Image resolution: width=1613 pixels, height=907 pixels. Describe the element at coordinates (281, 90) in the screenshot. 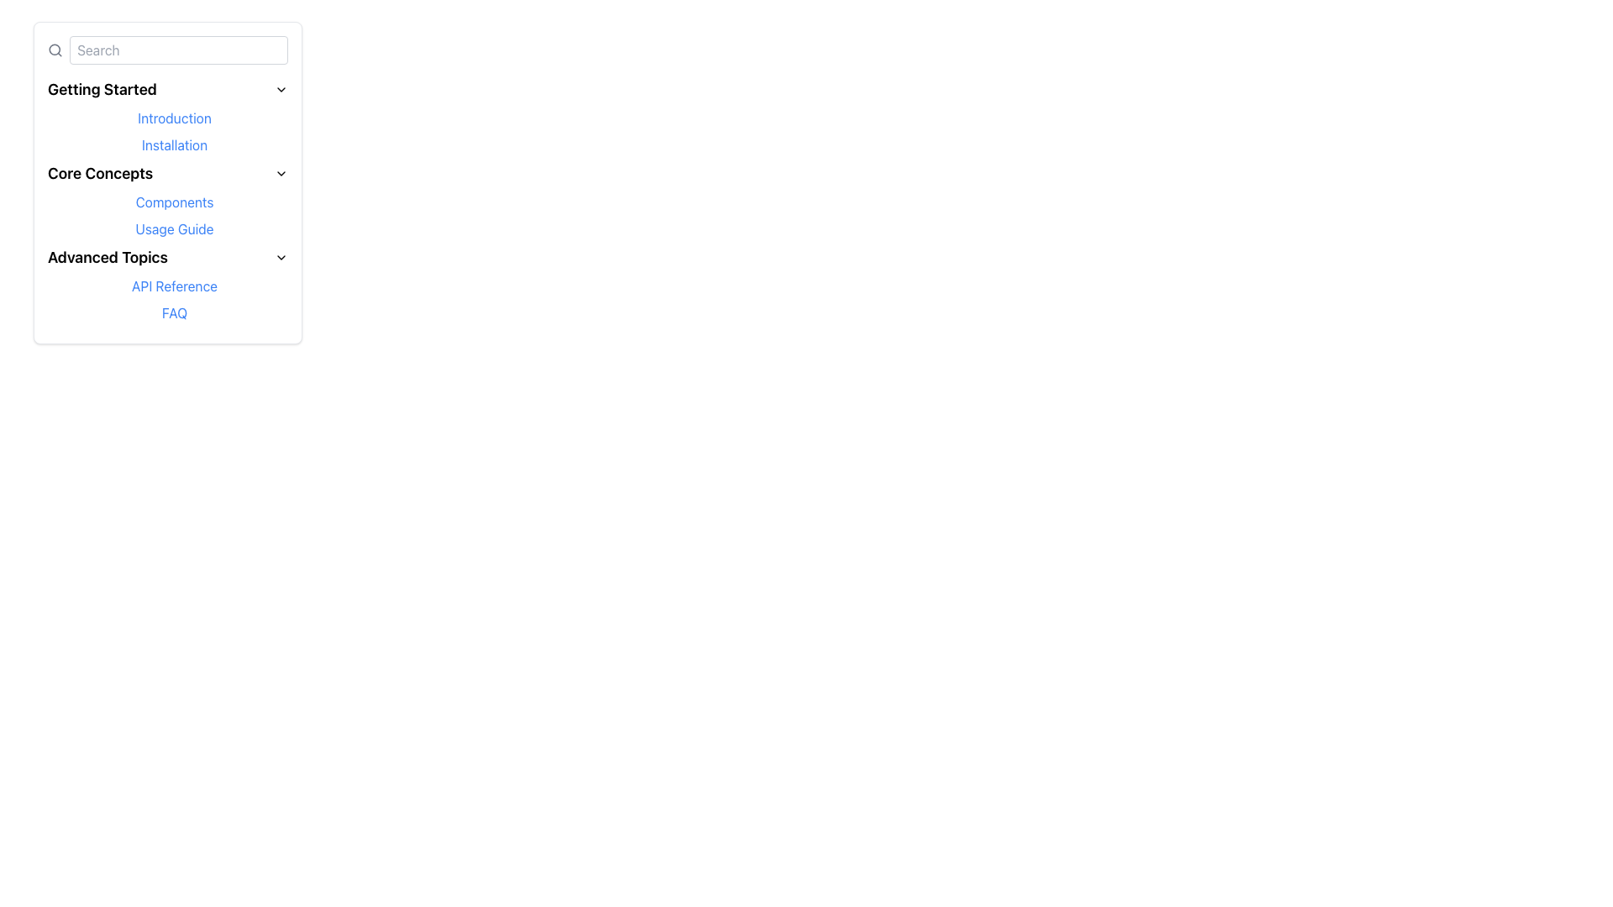

I see `the Chevron Icon located to the right of the 'Getting Started' text in the navigation menu` at that location.